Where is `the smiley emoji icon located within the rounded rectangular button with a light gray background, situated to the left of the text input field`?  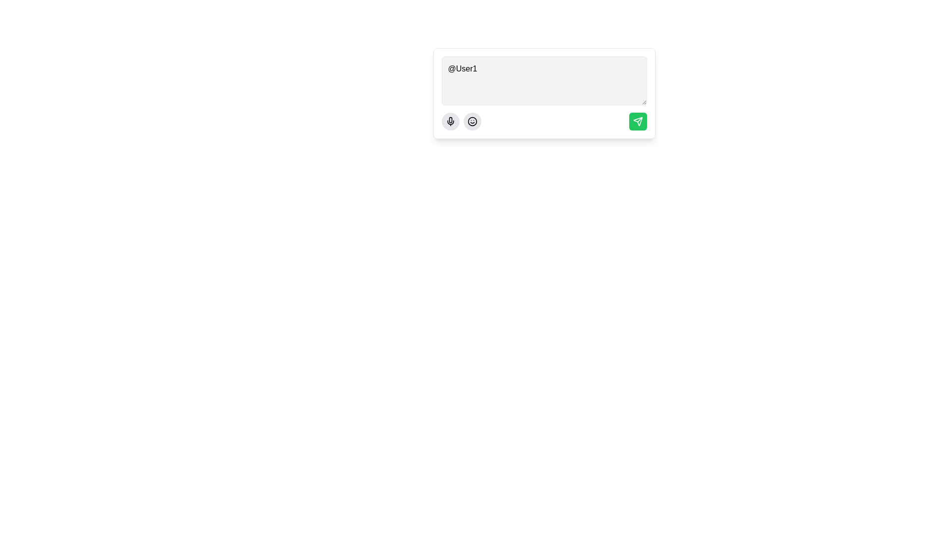
the smiley emoji icon located within the rounded rectangular button with a light gray background, situated to the left of the text input field is located at coordinates (472, 121).